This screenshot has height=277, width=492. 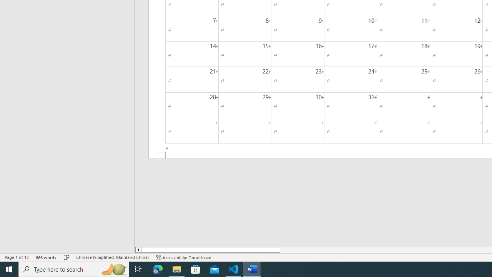 I want to click on 'Word Count 666 words', so click(x=46, y=257).